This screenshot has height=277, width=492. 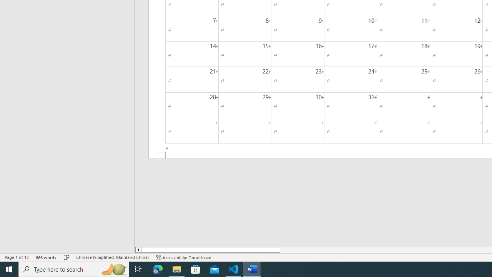 I want to click on 'Word Count 666 words', so click(x=46, y=257).